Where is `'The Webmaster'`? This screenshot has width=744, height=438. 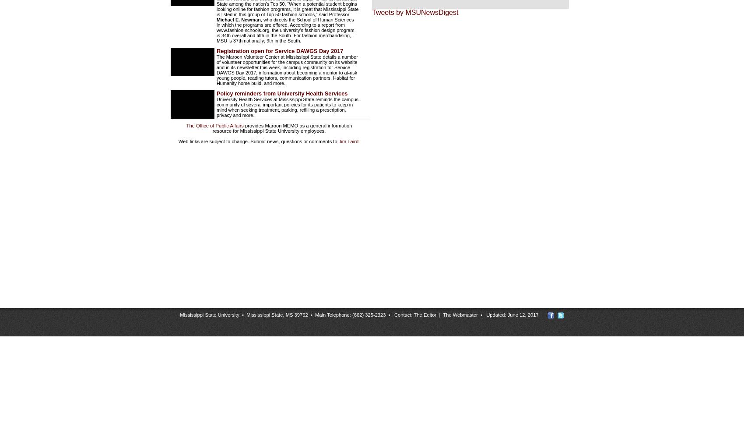
'The Webmaster' is located at coordinates (460, 314).